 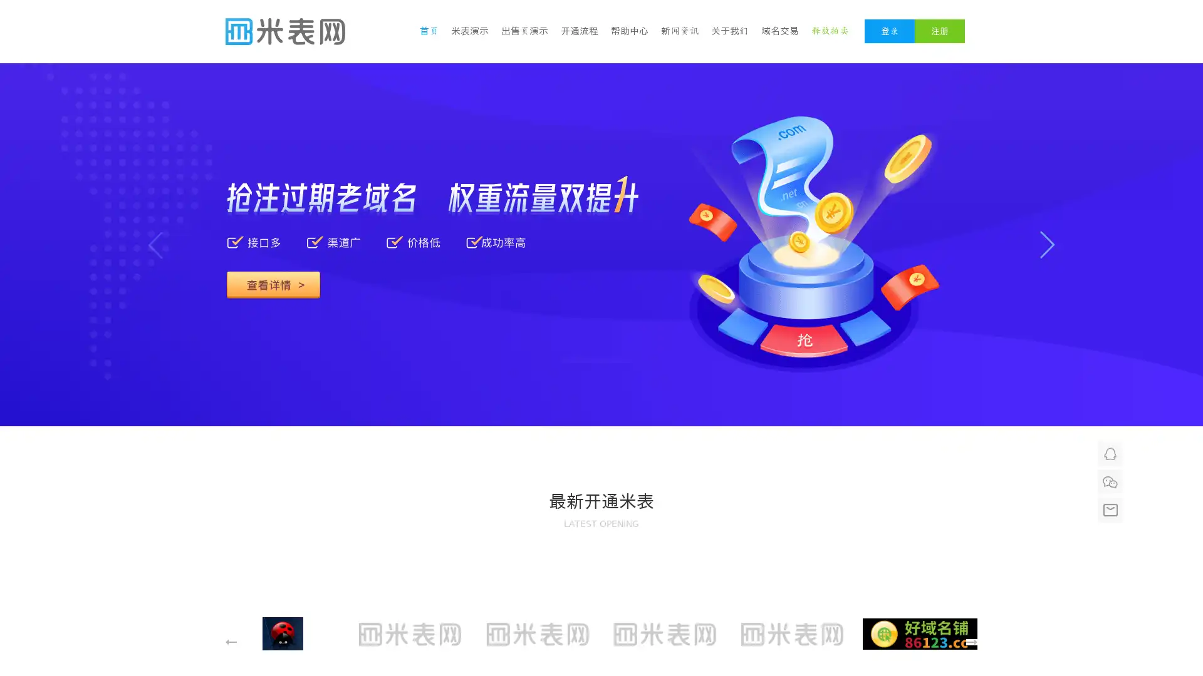 What do you see at coordinates (729, 426) in the screenshot?
I see `Previous slide` at bounding box center [729, 426].